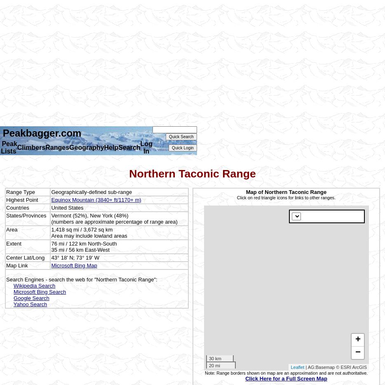 The height and width of the screenshot is (385, 385). Describe the element at coordinates (96, 199) in the screenshot. I see `'Equinox Mountain (3840+ ft/1170+ m)'` at that location.